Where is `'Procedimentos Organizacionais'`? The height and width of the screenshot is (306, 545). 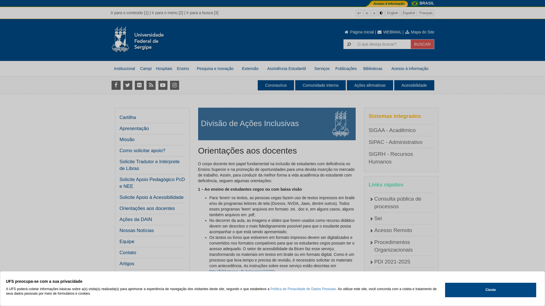
'Procedimentos Organizacionais' is located at coordinates (393, 245).